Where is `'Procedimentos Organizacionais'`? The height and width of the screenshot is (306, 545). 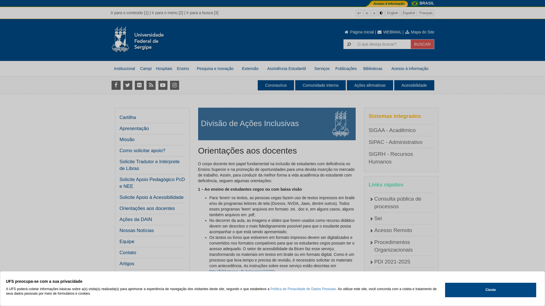
'Procedimentos Organizacionais' is located at coordinates (393, 245).